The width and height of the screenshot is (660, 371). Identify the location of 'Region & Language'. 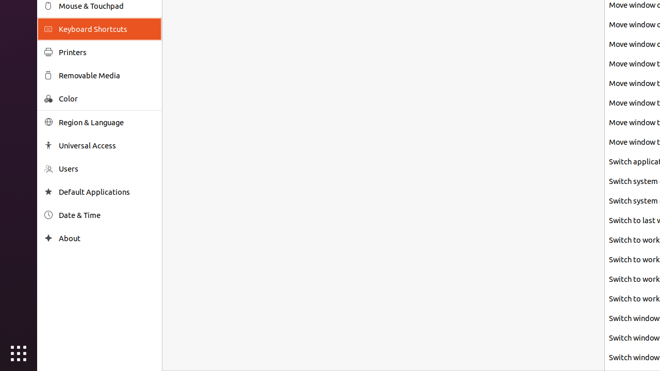
(106, 122).